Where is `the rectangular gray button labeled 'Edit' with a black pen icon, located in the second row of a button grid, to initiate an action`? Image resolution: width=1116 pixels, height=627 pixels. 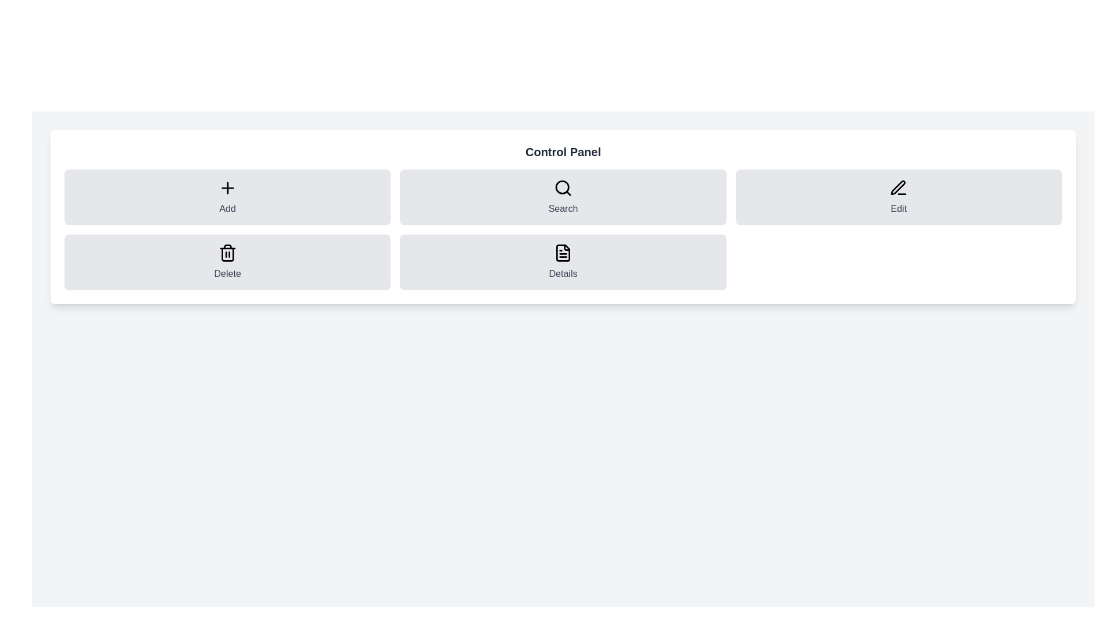
the rectangular gray button labeled 'Edit' with a black pen icon, located in the second row of a button grid, to initiate an action is located at coordinates (898, 196).